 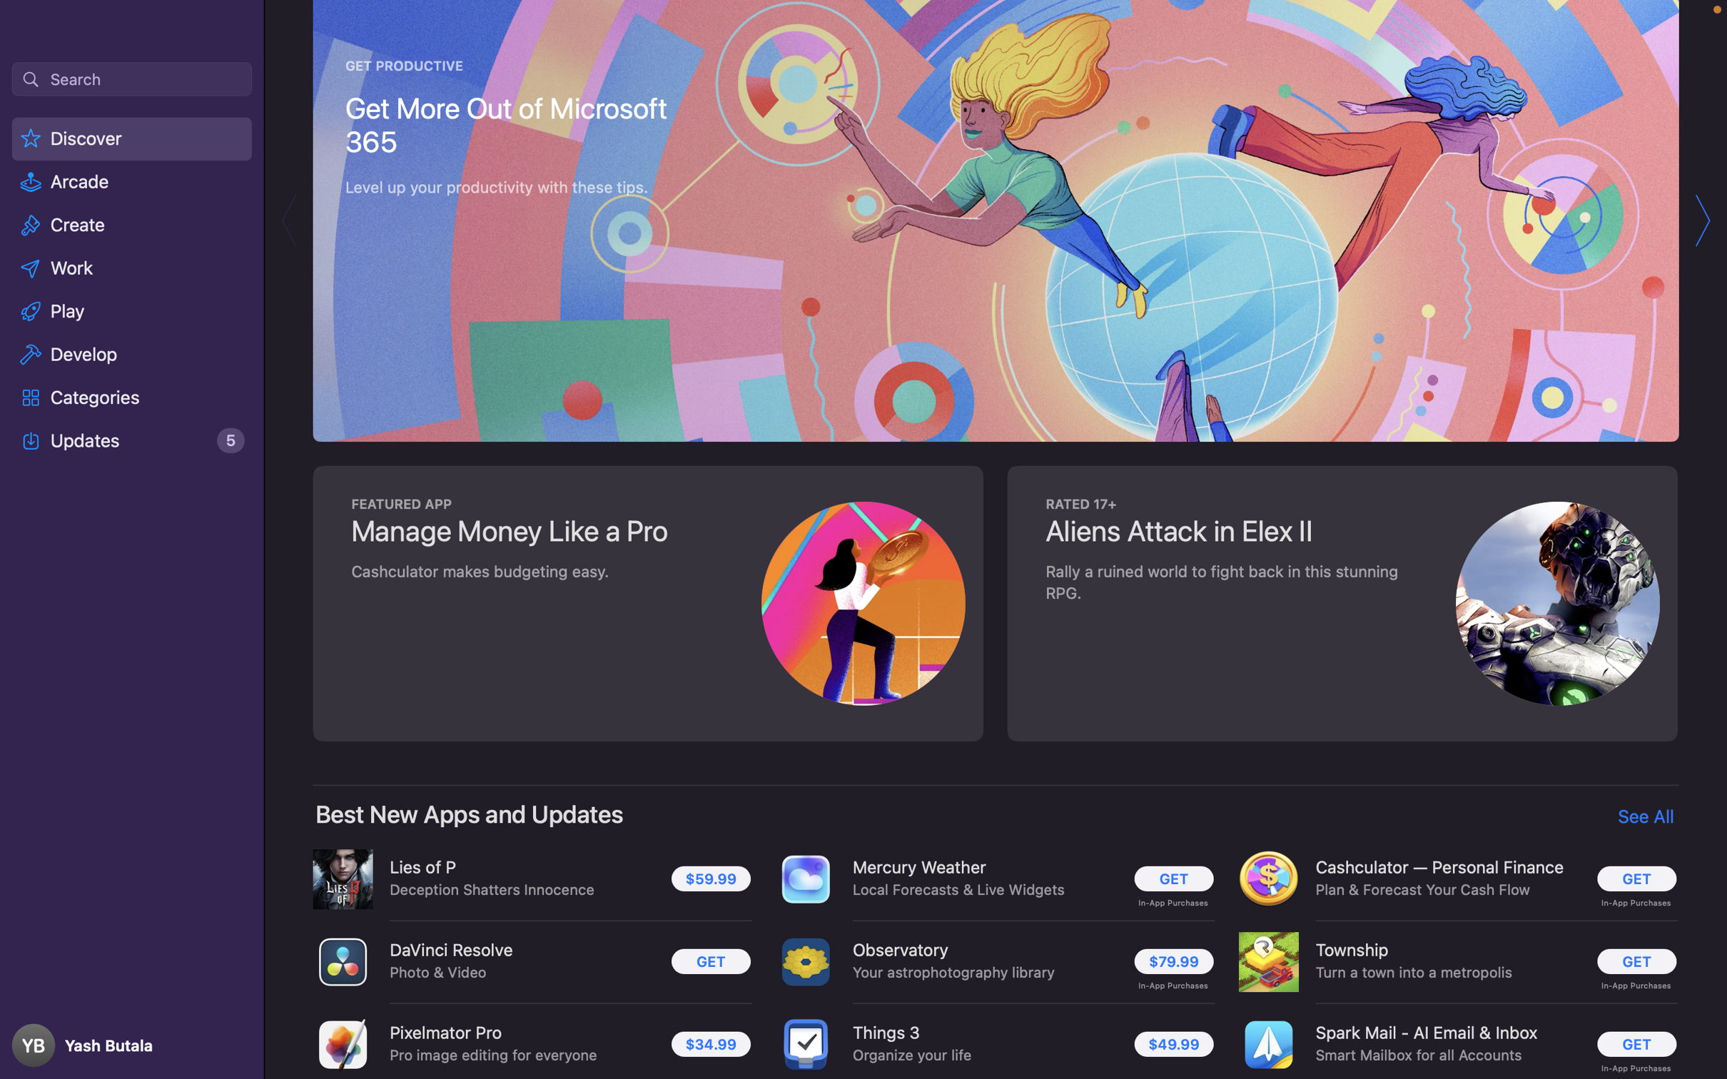 I want to click on In the search bar, input "photo editing", so click(x=131, y=78).